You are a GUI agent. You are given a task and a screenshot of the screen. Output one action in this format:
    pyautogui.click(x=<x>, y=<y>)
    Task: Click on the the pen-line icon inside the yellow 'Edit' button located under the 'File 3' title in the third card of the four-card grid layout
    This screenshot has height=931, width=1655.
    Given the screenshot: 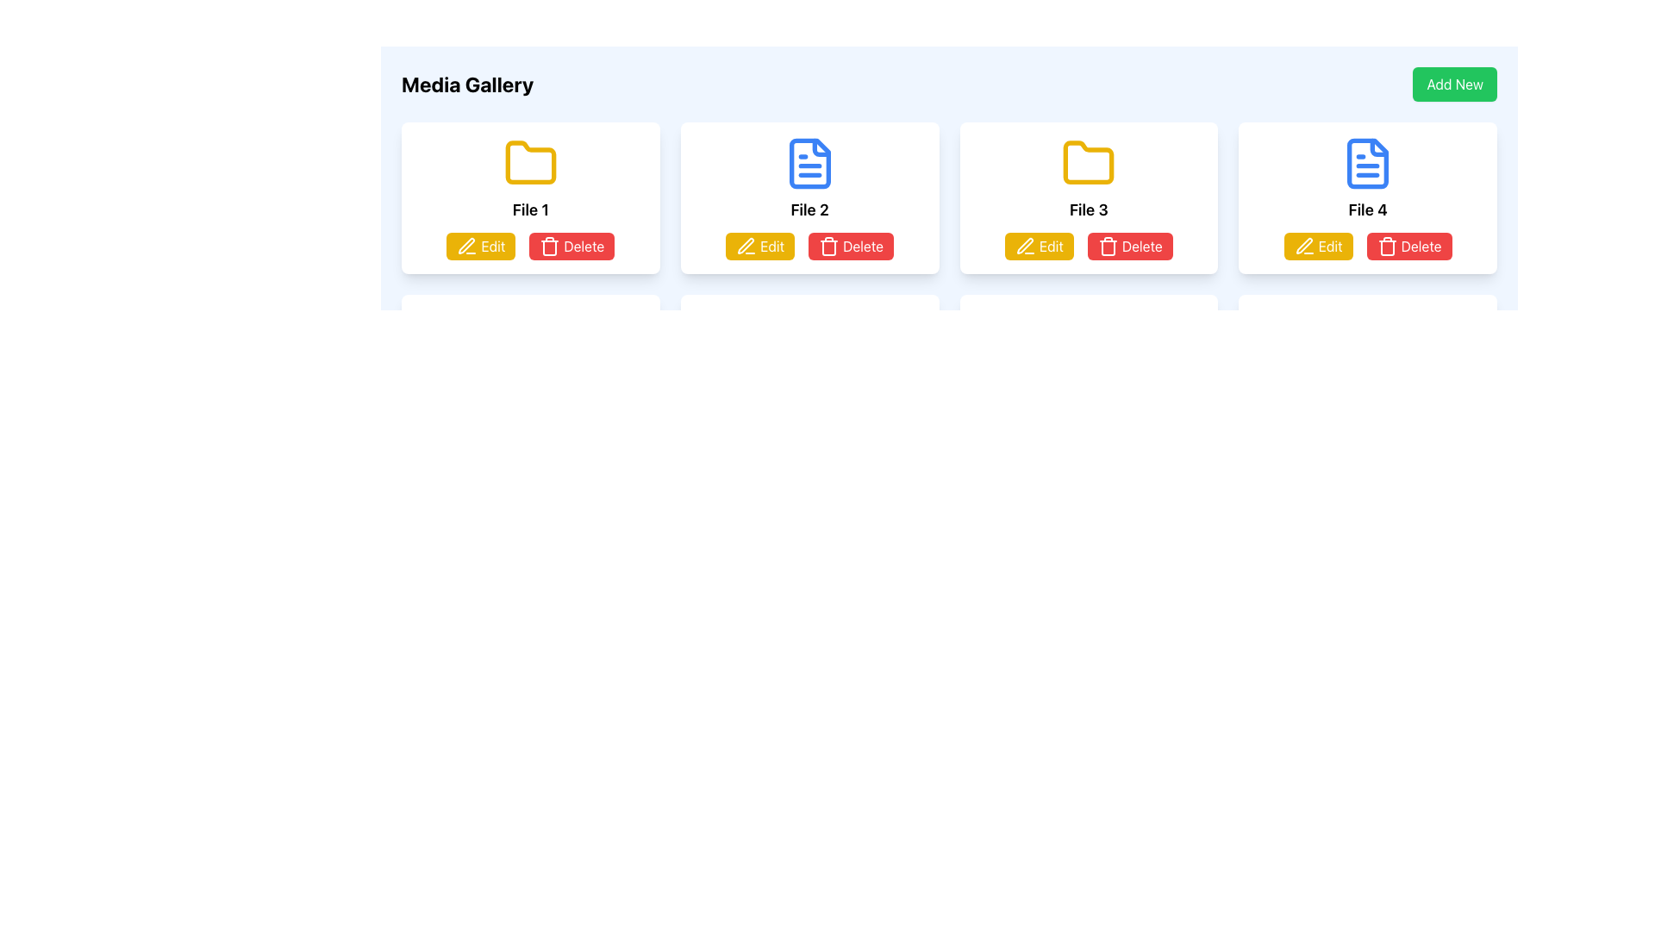 What is the action you would take?
    pyautogui.click(x=1026, y=246)
    